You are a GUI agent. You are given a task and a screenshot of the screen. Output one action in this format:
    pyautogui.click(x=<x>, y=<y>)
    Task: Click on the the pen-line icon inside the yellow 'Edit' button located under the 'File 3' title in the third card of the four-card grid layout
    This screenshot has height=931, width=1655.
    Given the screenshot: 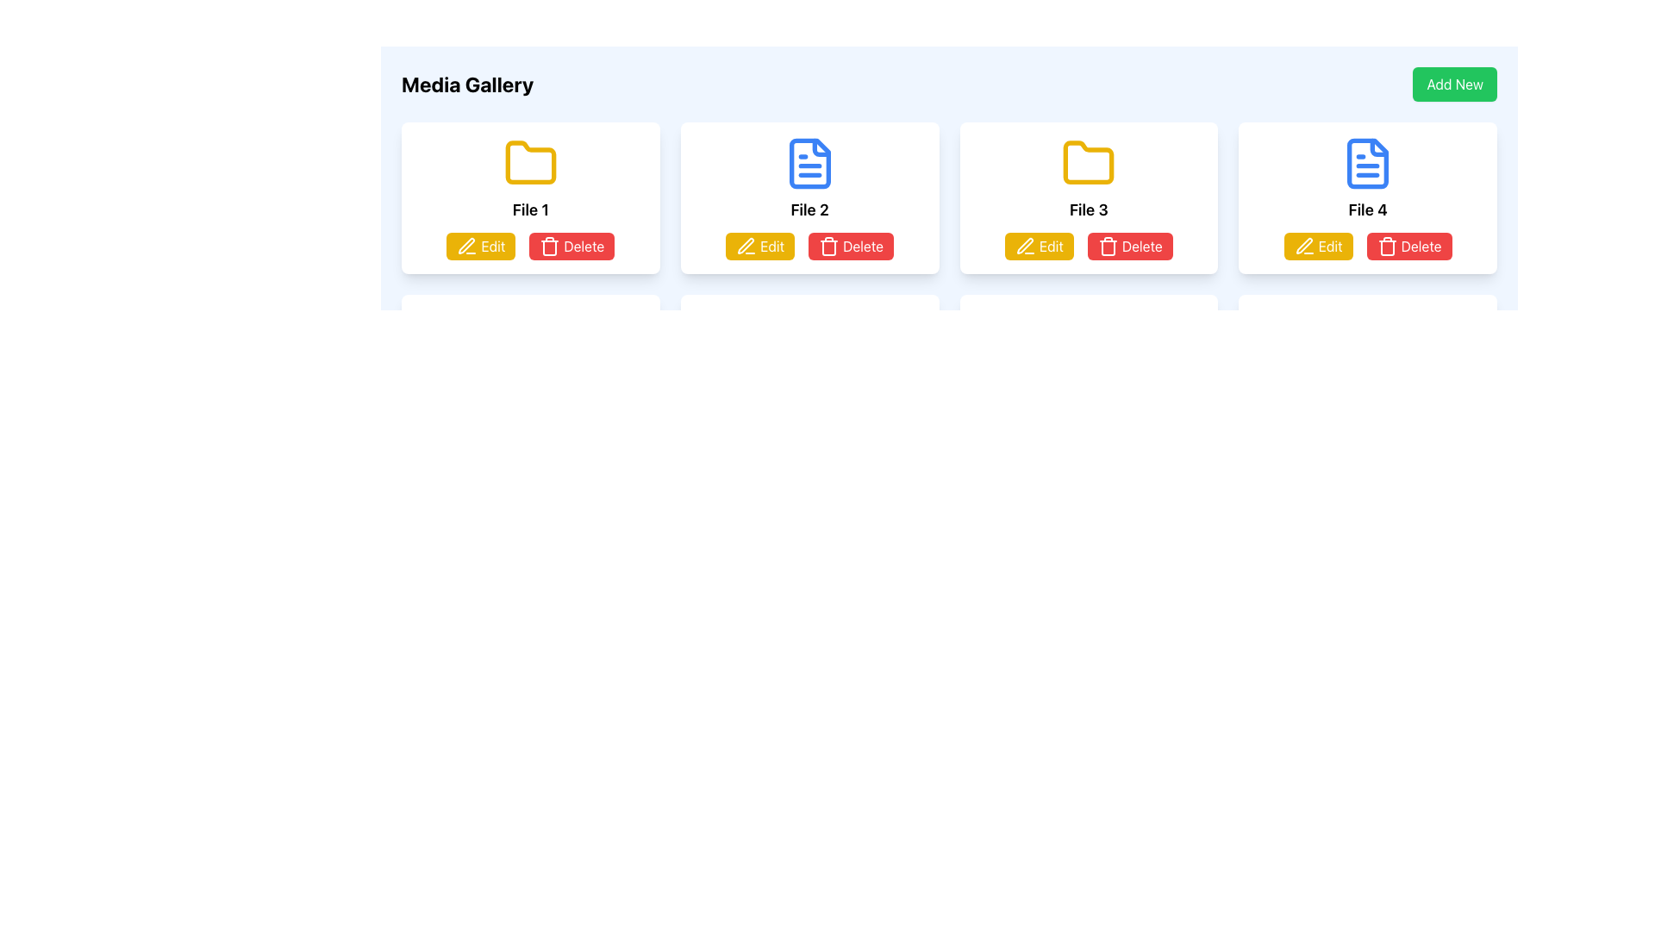 What is the action you would take?
    pyautogui.click(x=1026, y=246)
    